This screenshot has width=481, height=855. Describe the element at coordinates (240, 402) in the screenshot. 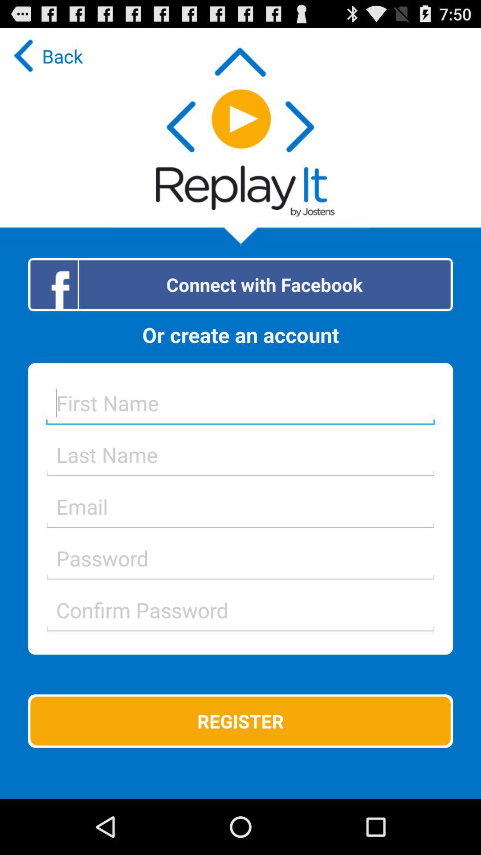

I see `first name goes here` at that location.